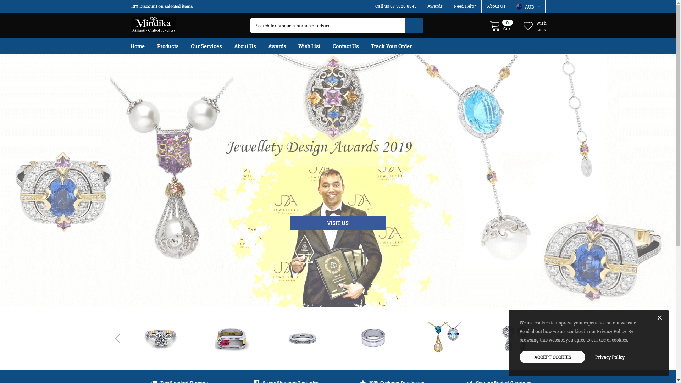 The height and width of the screenshot is (383, 681). I want to click on 'Products', so click(173, 46).